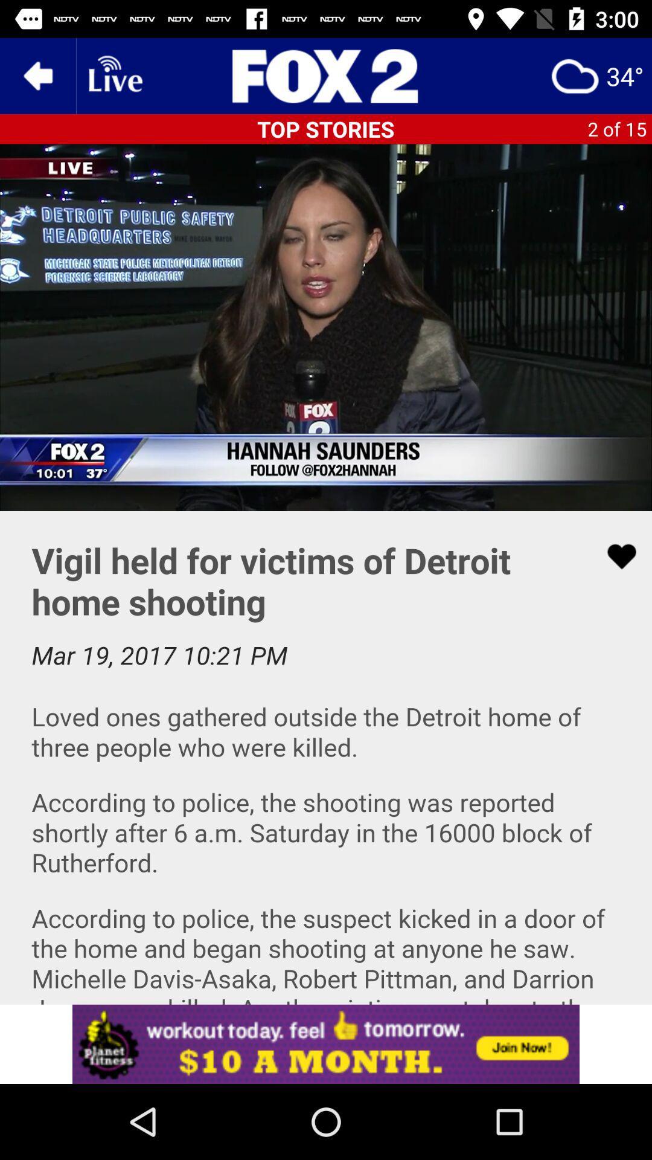 The height and width of the screenshot is (1160, 652). Describe the element at coordinates (326, 1043) in the screenshot. I see `advertisement` at that location.